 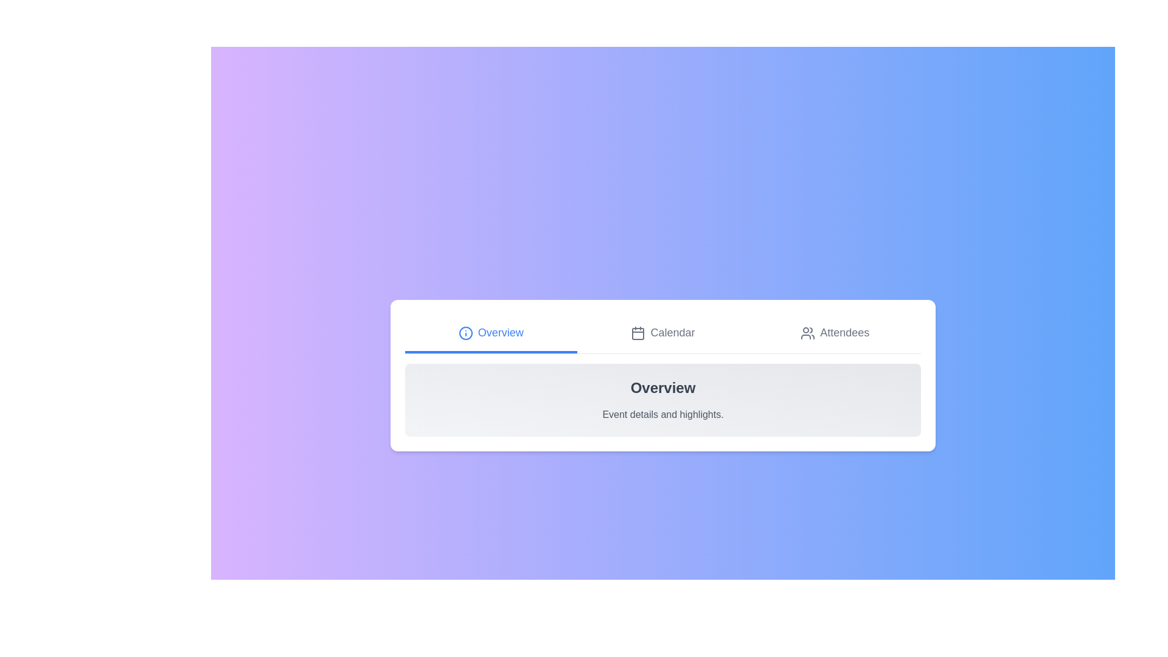 I want to click on the tab labeled Overview to switch to the corresponding view, so click(x=490, y=333).